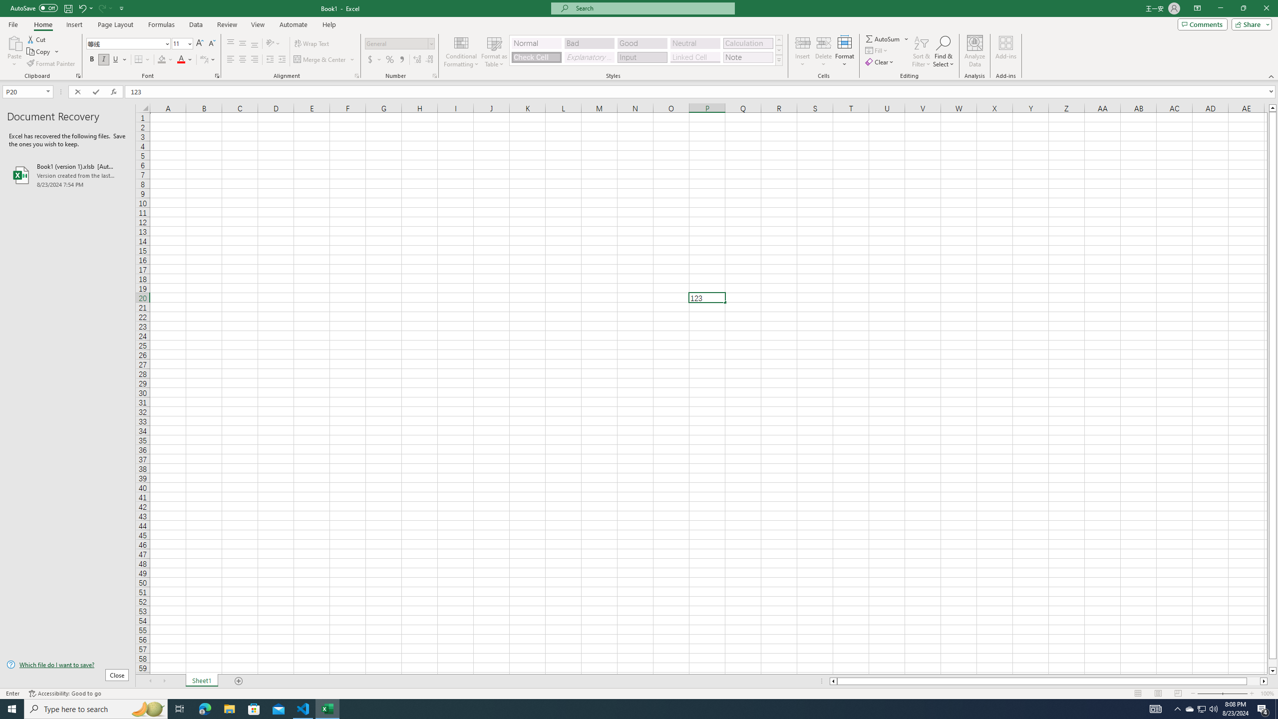  I want to click on 'Italic', so click(103, 59).